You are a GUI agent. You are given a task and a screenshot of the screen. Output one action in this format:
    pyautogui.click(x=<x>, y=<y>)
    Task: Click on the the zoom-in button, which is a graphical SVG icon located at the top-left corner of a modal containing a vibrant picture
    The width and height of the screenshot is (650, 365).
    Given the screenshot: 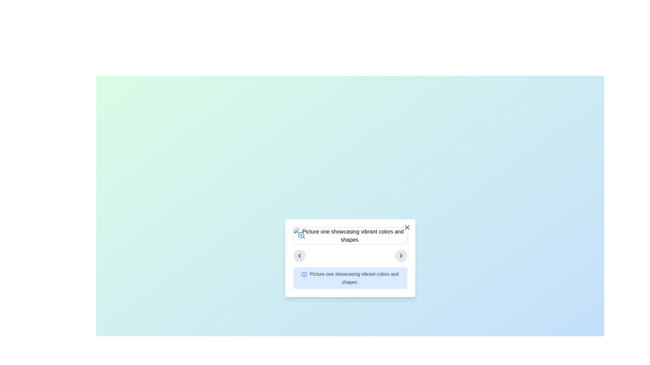 What is the action you would take?
    pyautogui.click(x=301, y=235)
    